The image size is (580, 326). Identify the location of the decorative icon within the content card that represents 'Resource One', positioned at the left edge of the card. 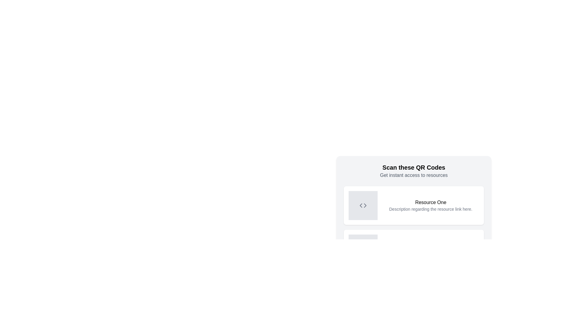
(362, 205).